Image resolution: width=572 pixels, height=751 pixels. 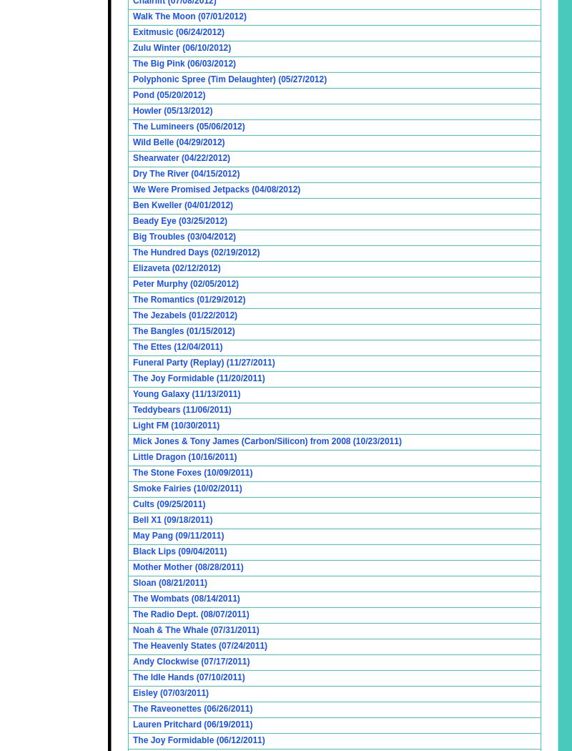 I want to click on 'The Stone Foxes (10/09/2011)', so click(x=132, y=471).